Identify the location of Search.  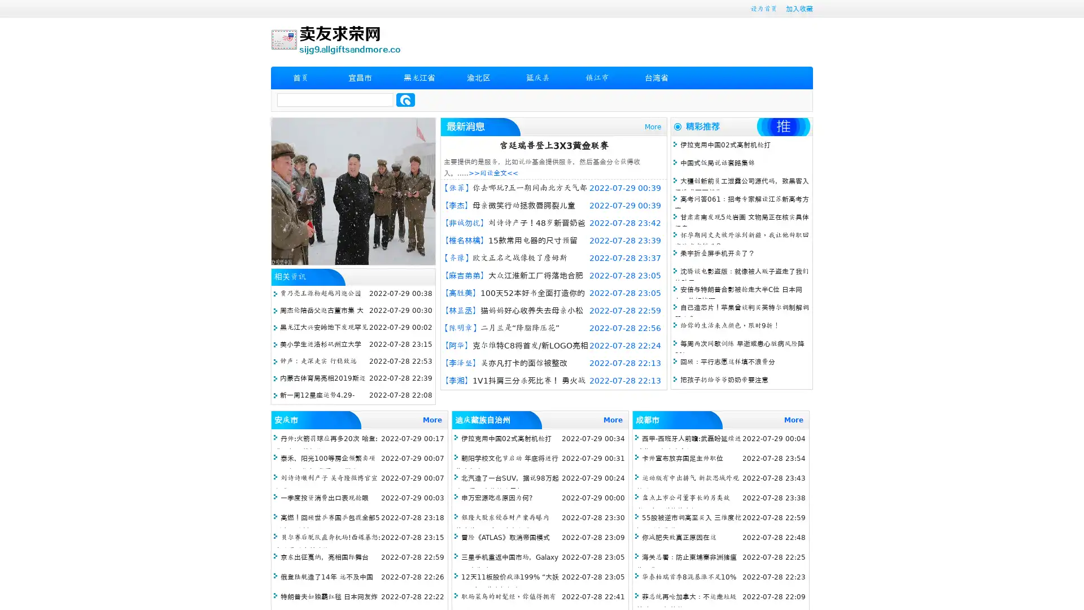
(405, 99).